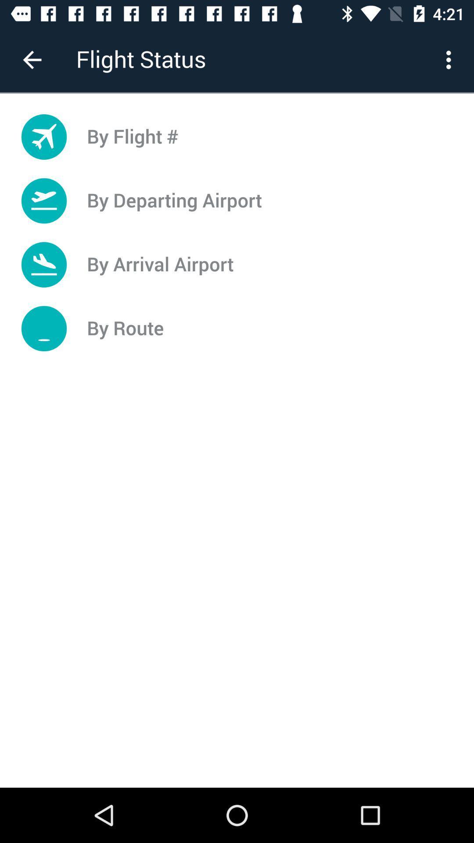 Image resolution: width=474 pixels, height=843 pixels. What do you see at coordinates (44, 328) in the screenshot?
I see `the symbol which is beside by route` at bounding box center [44, 328].